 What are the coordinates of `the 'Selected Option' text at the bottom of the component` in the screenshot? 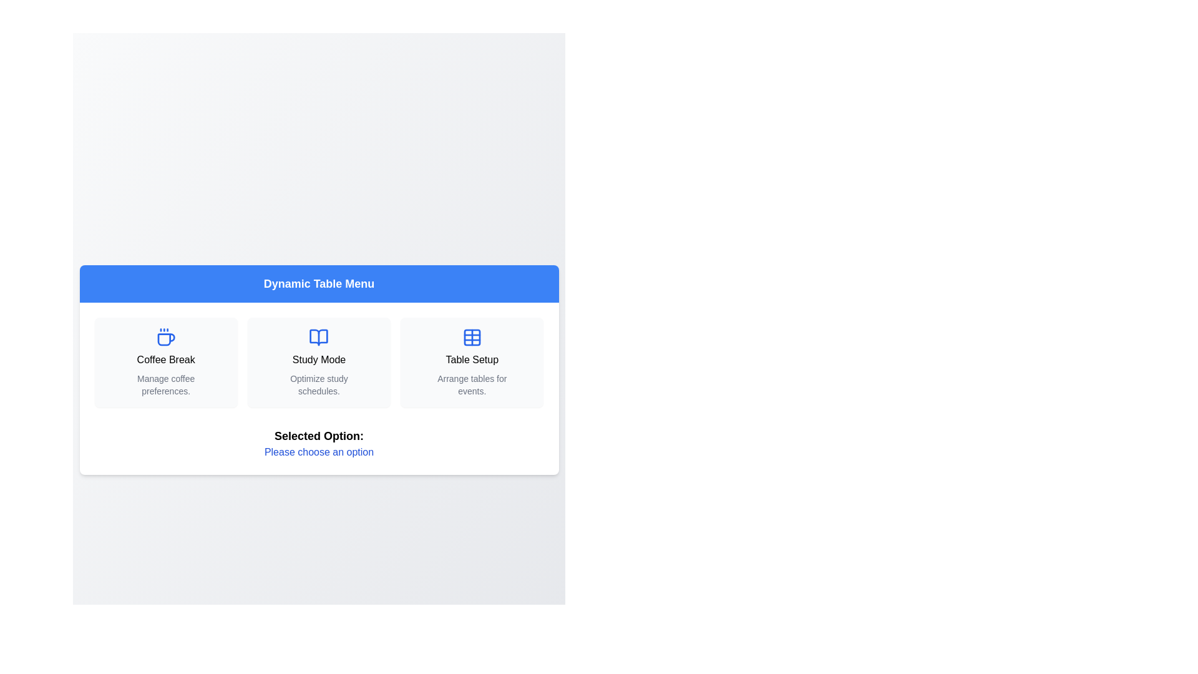 It's located at (319, 442).